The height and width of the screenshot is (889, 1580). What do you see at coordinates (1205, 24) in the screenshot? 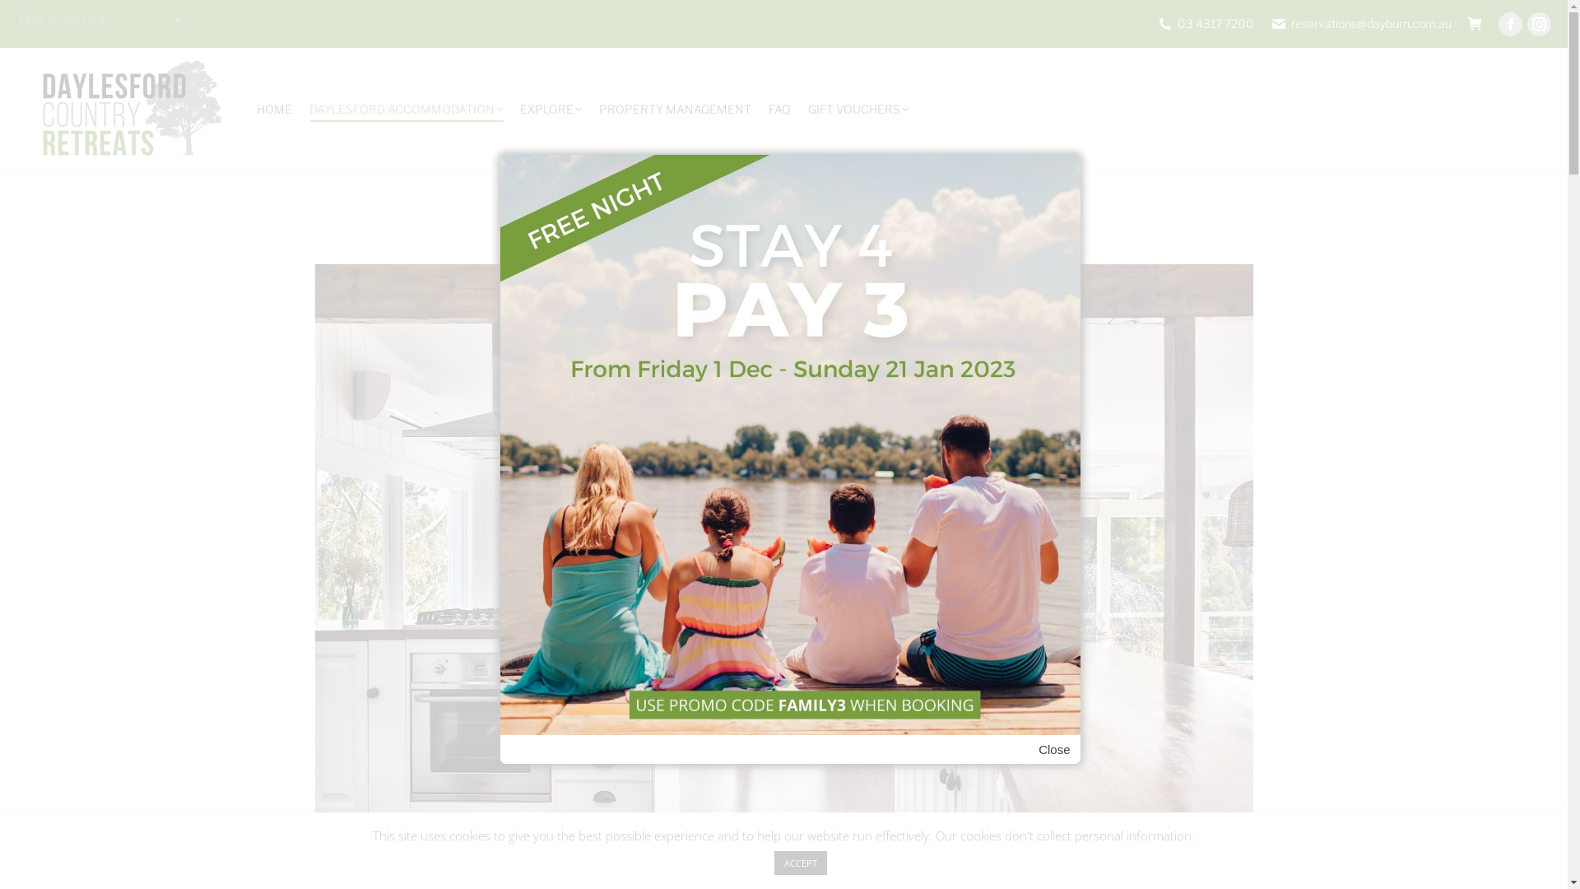
I see `'03 4317 7200'` at bounding box center [1205, 24].